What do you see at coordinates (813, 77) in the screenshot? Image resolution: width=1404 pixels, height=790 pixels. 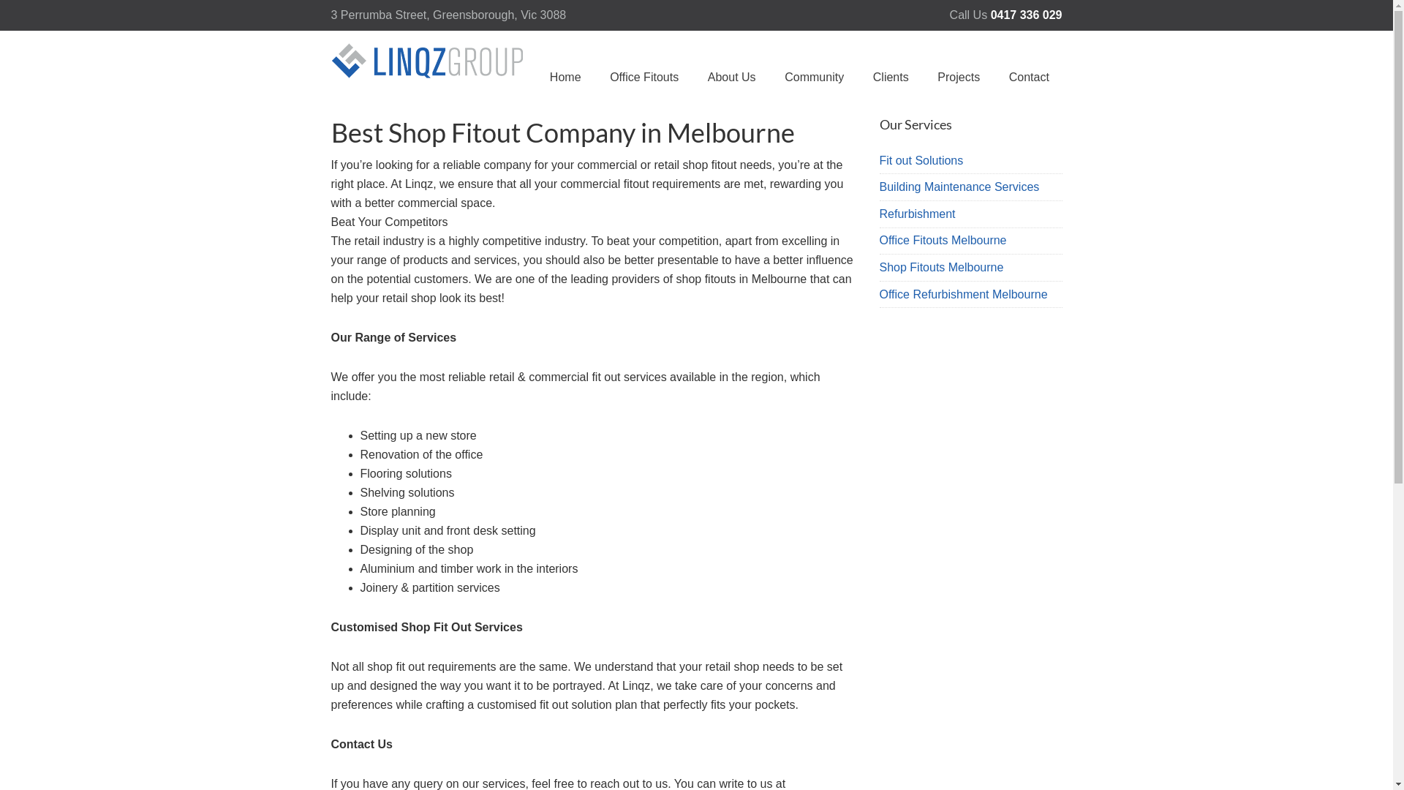 I see `'Community'` at bounding box center [813, 77].